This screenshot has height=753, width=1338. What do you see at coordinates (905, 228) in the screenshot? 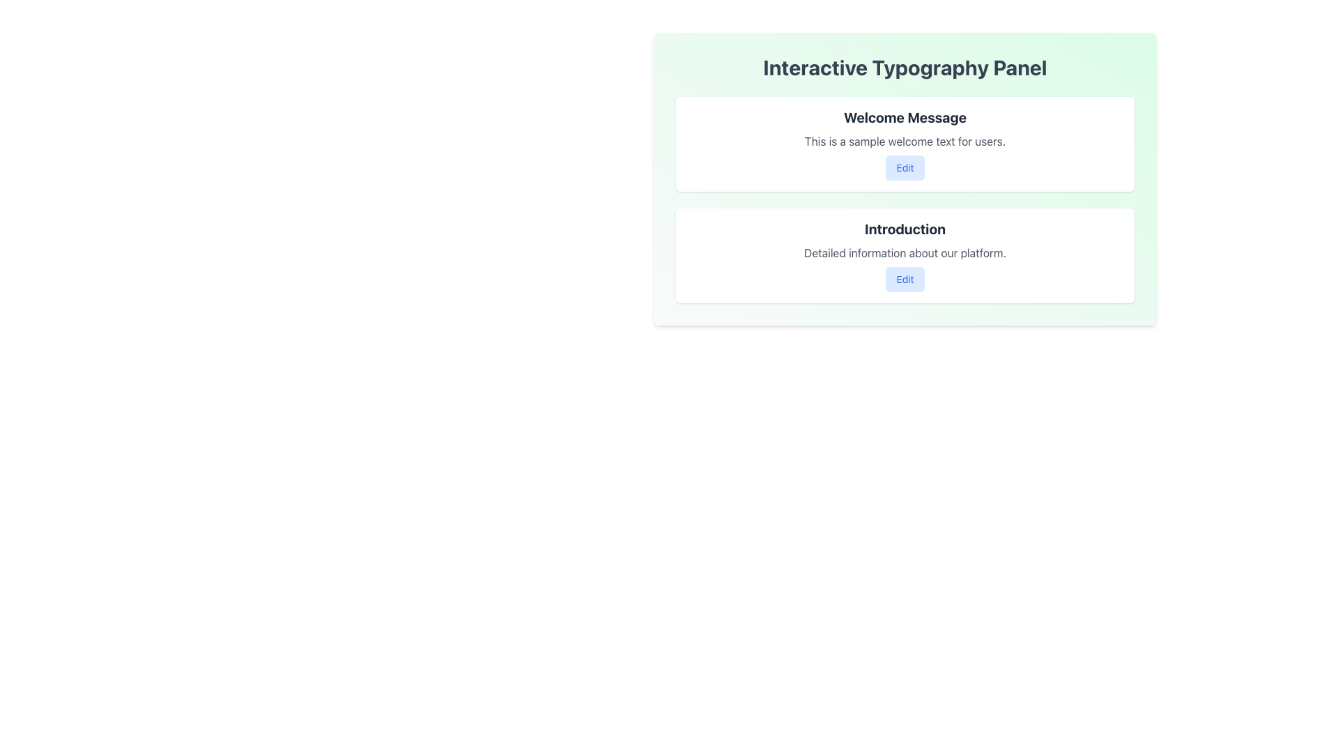
I see `the bold title text element labeled 'Introduction', which is styled with a large font size and black color, positioned centrally in the panel above the description and 'Edit' button` at bounding box center [905, 228].